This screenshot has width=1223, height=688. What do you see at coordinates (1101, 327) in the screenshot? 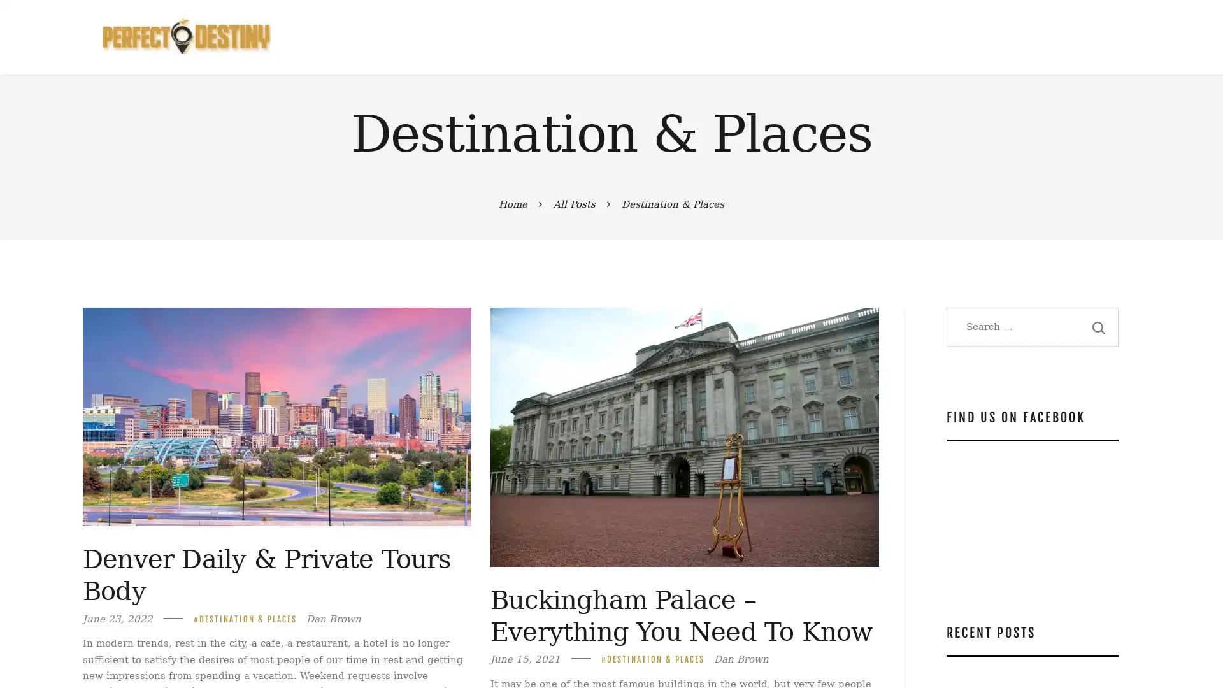
I see `Search` at bounding box center [1101, 327].